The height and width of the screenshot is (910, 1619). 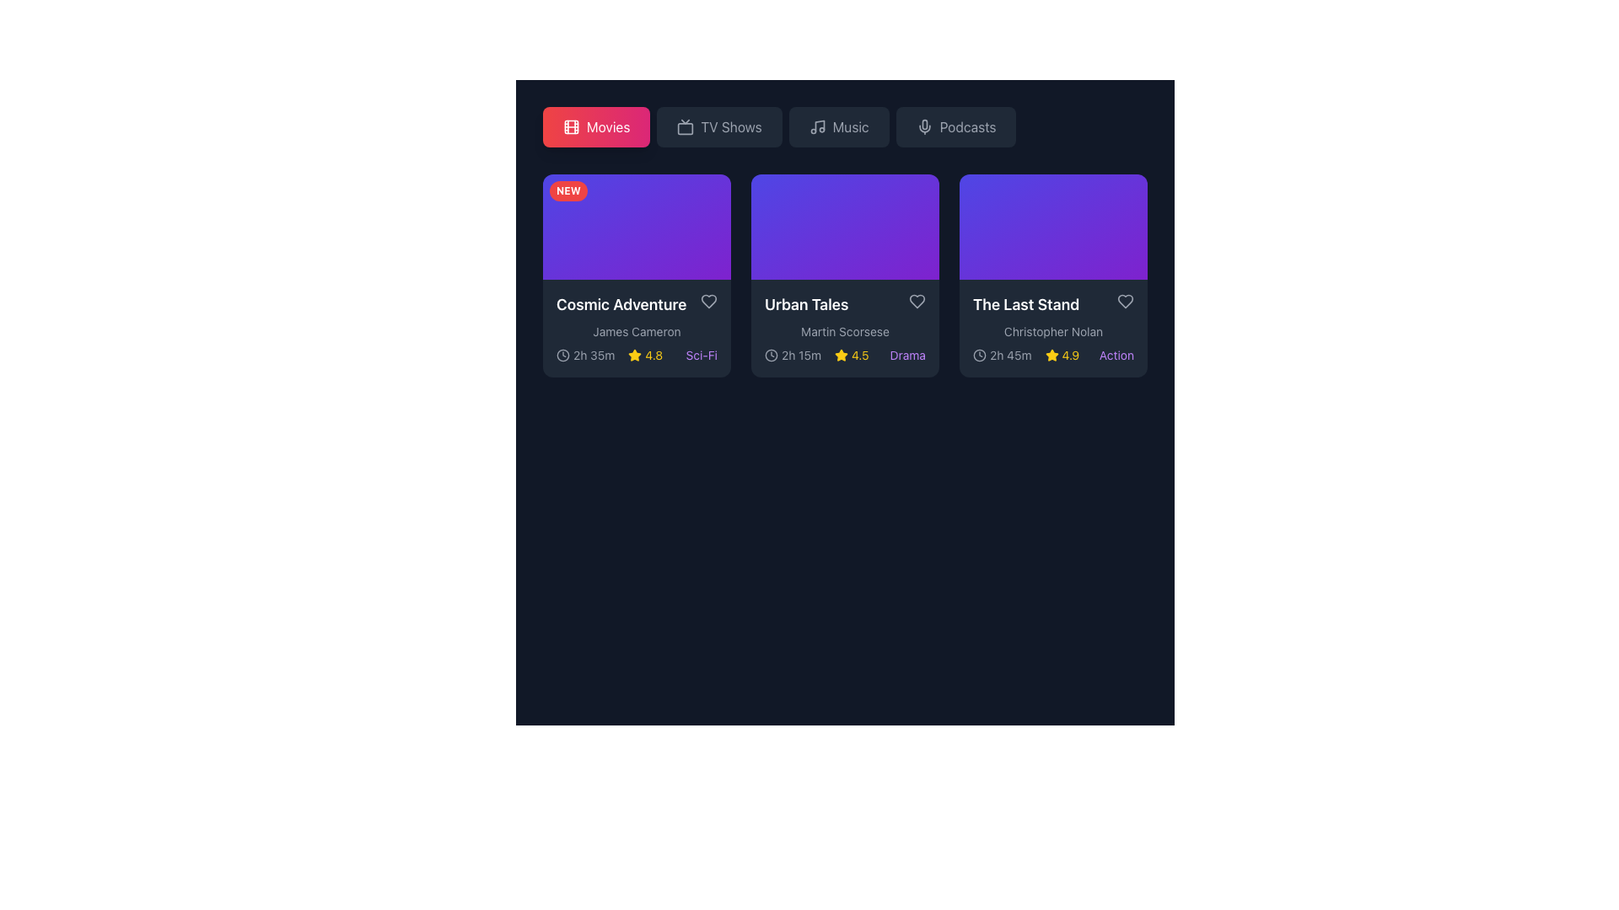 I want to click on text displaying the numerical value '4.5' styled in yellow color, which is part of the rating display layout under the genre label 'Drama' in the 'Urban Tales' card, so click(x=860, y=355).